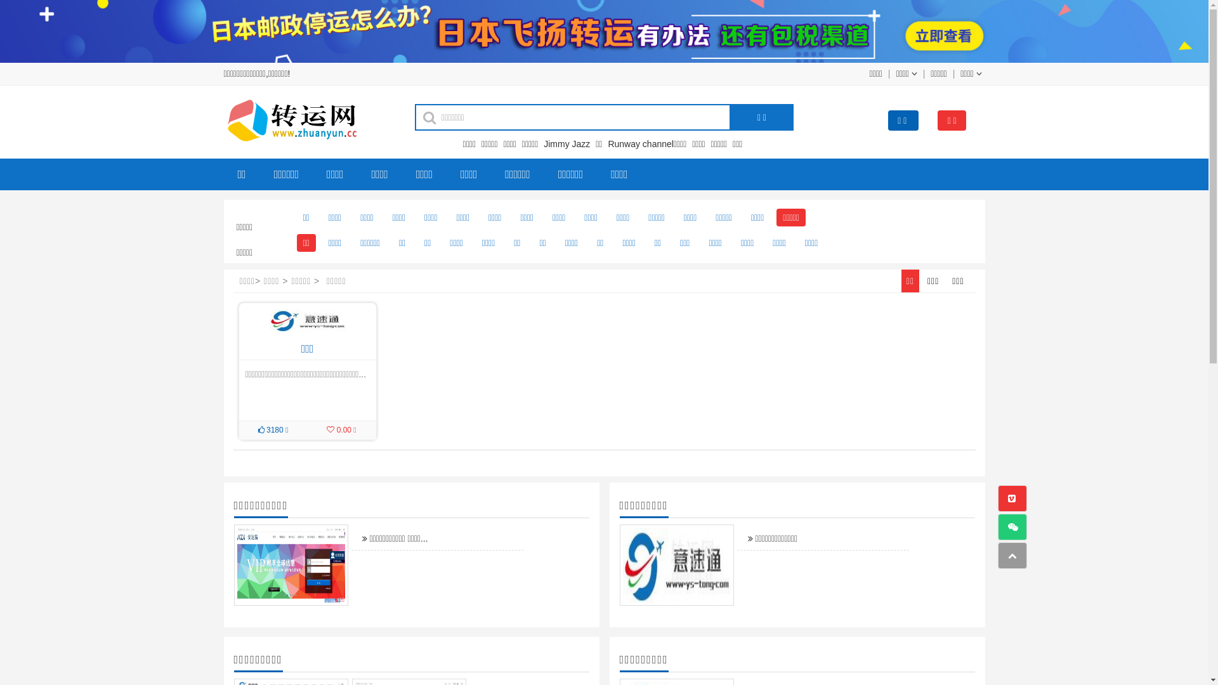 The image size is (1218, 685). I want to click on 'Jimmy Jazz', so click(568, 143).